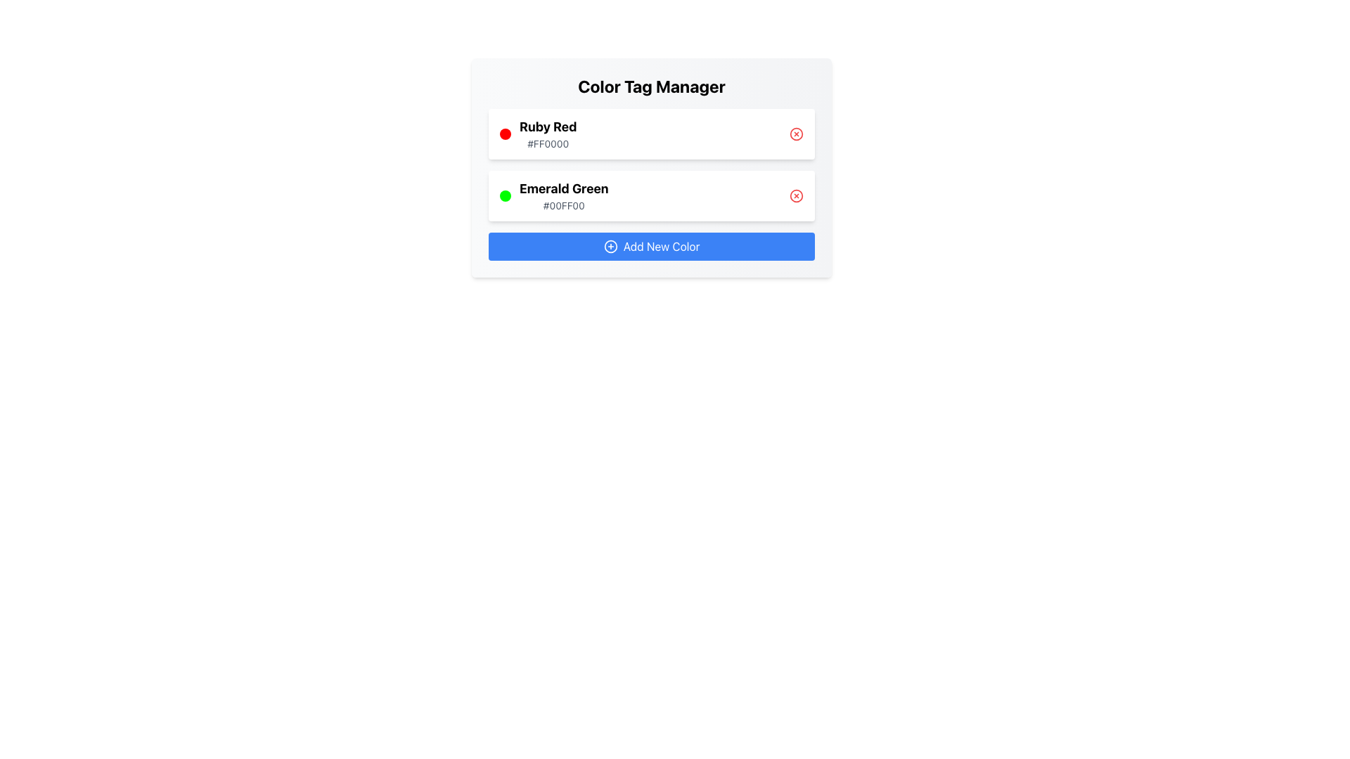 This screenshot has width=1350, height=759. I want to click on the text label displaying the color code '#00FF00' which is styled in gray and located underneath the 'Emerald Green' text, so click(564, 206).